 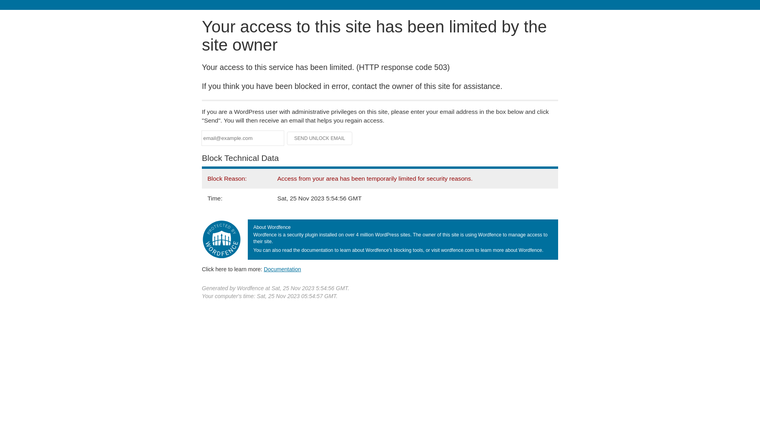 I want to click on 'Documentation', so click(x=282, y=269).